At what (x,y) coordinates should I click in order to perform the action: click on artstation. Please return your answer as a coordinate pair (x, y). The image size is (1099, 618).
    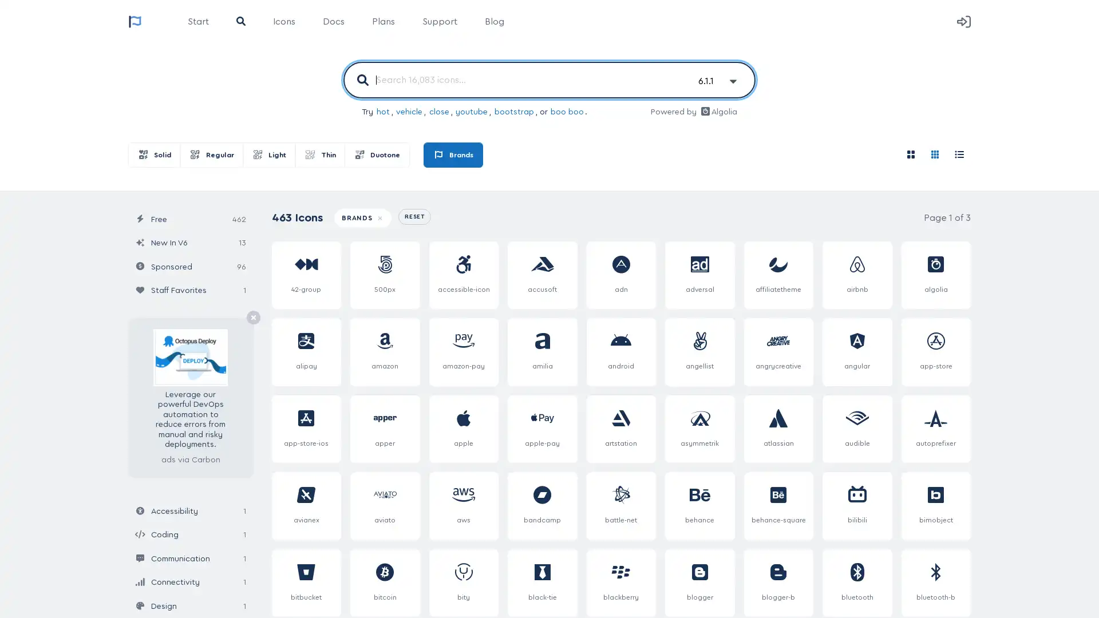
    Looking at the image, I should click on (620, 437).